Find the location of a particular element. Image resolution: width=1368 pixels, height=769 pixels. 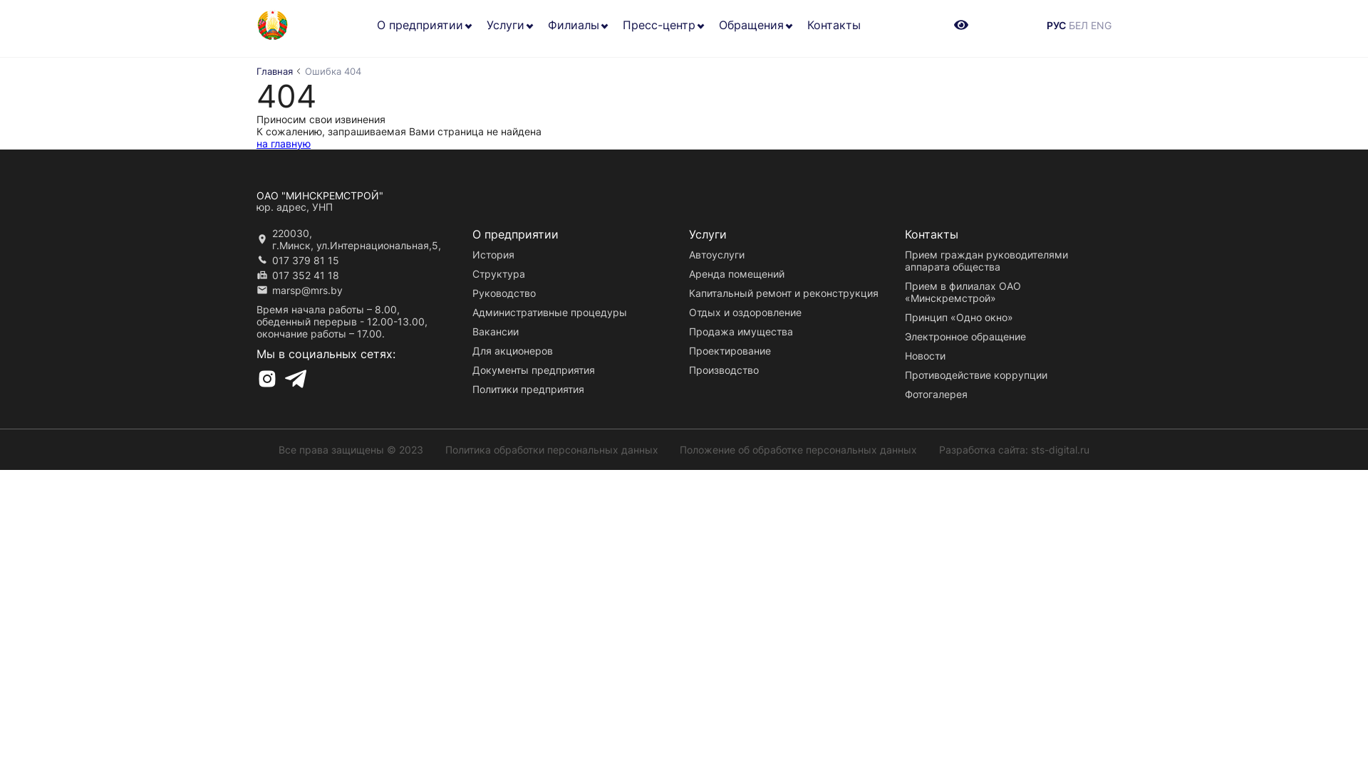

'017 352 41 18' is located at coordinates (304, 275).